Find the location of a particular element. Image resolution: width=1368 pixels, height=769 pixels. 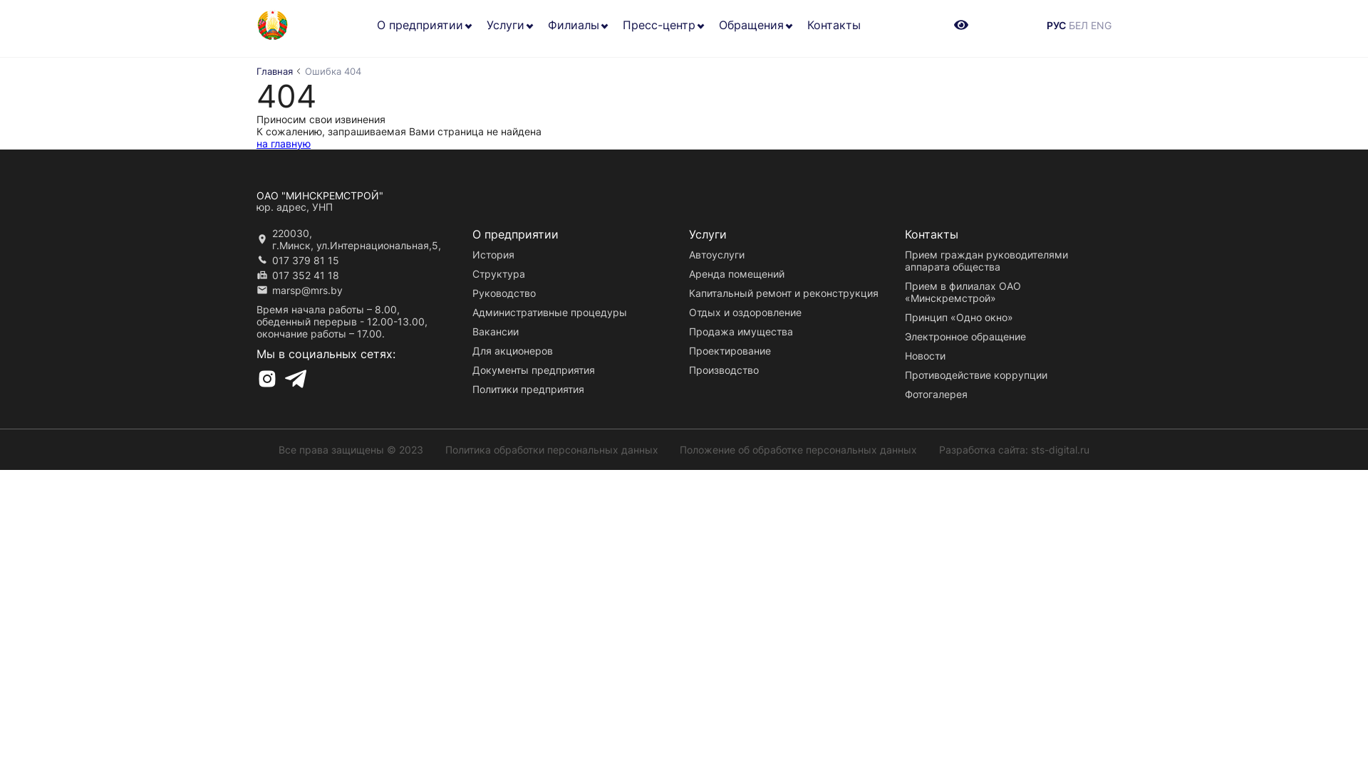

'017 352 41 18' is located at coordinates (304, 275).